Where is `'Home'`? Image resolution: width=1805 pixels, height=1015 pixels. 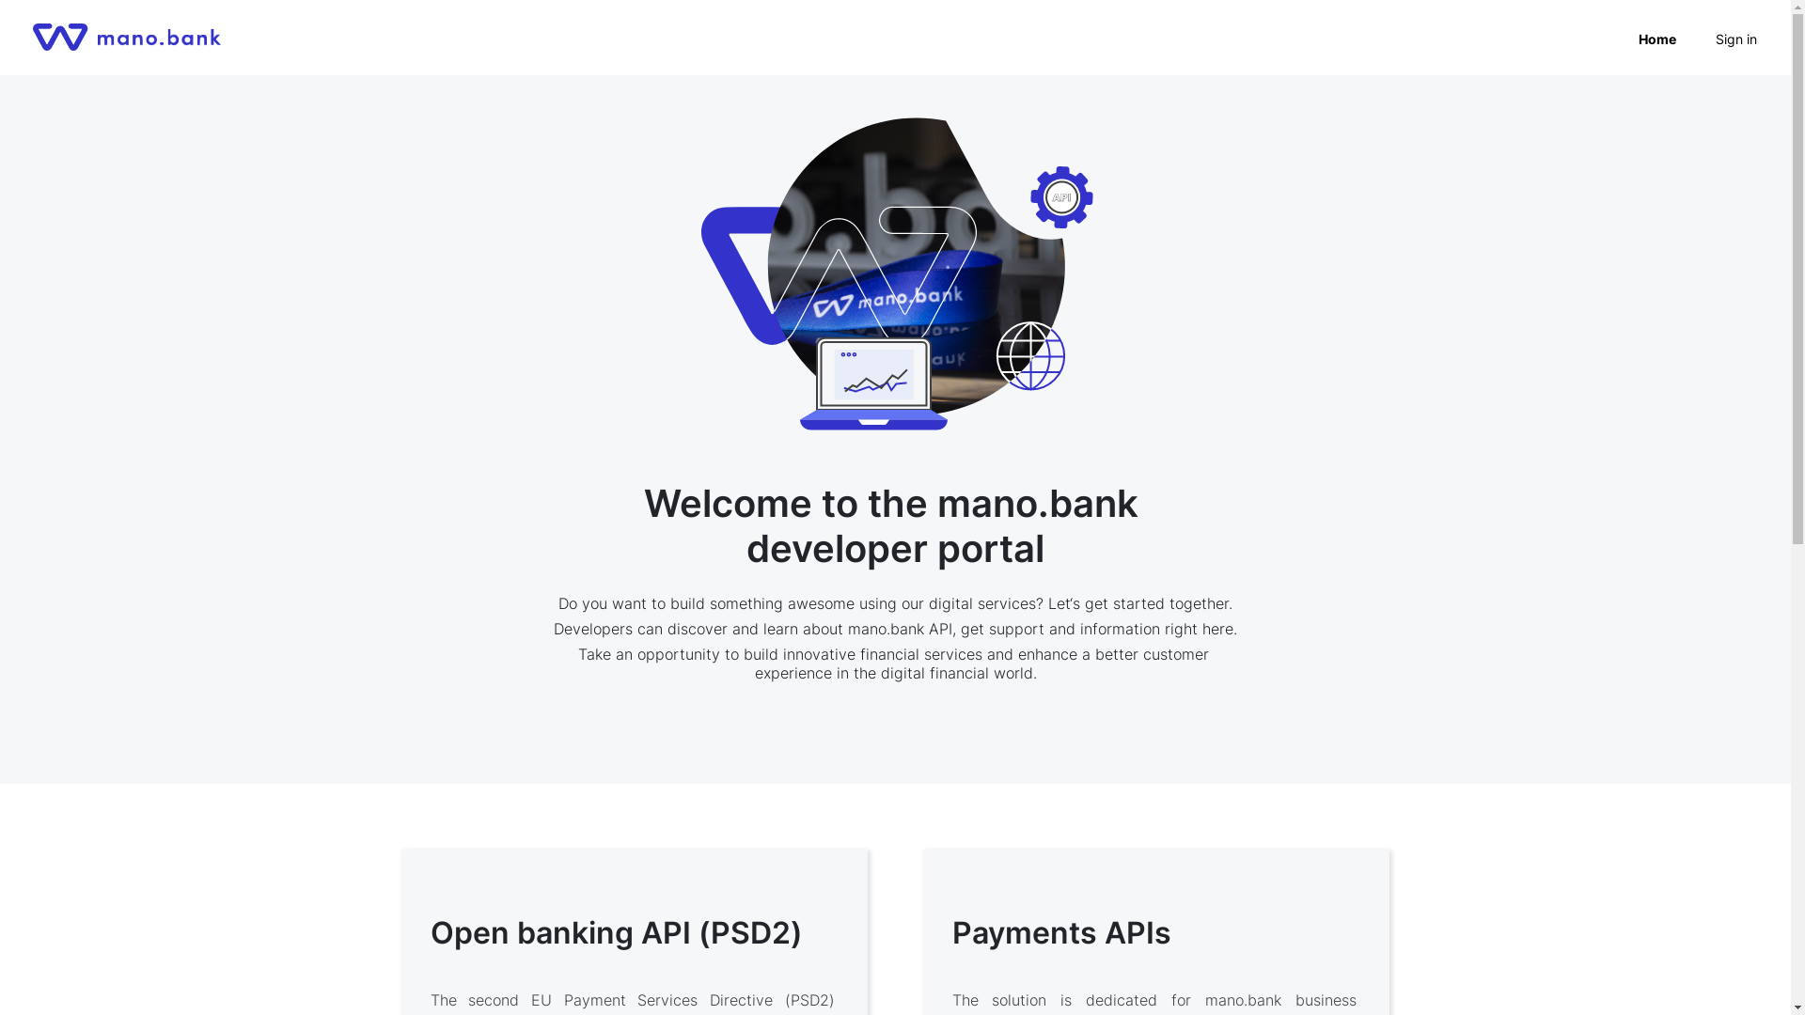 'Home' is located at coordinates (1619, 39).